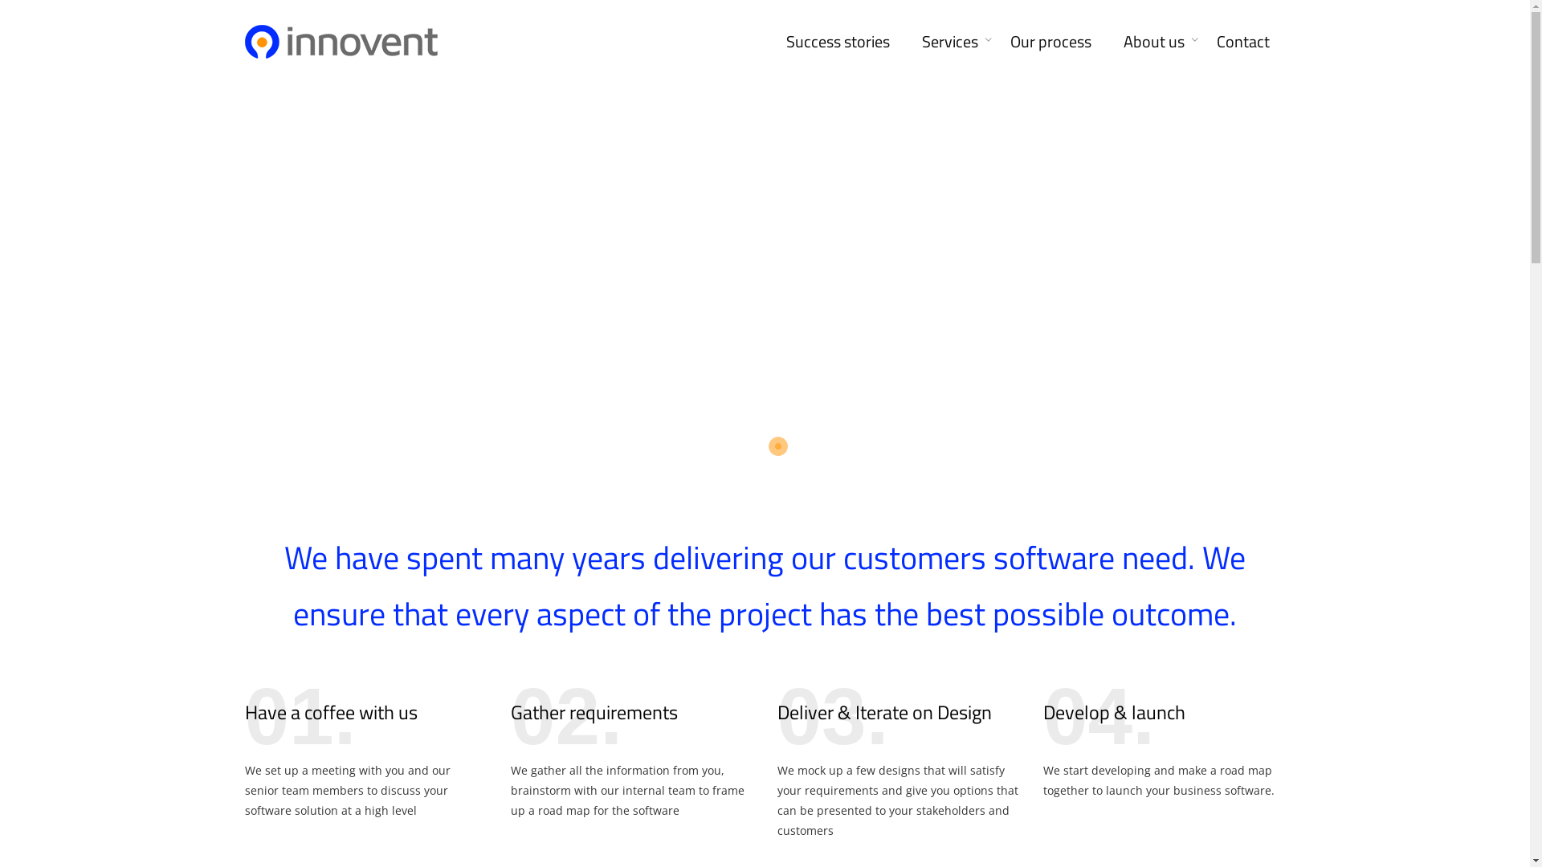 The width and height of the screenshot is (1542, 867). Describe the element at coordinates (1241, 39) in the screenshot. I see `'Contact'` at that location.